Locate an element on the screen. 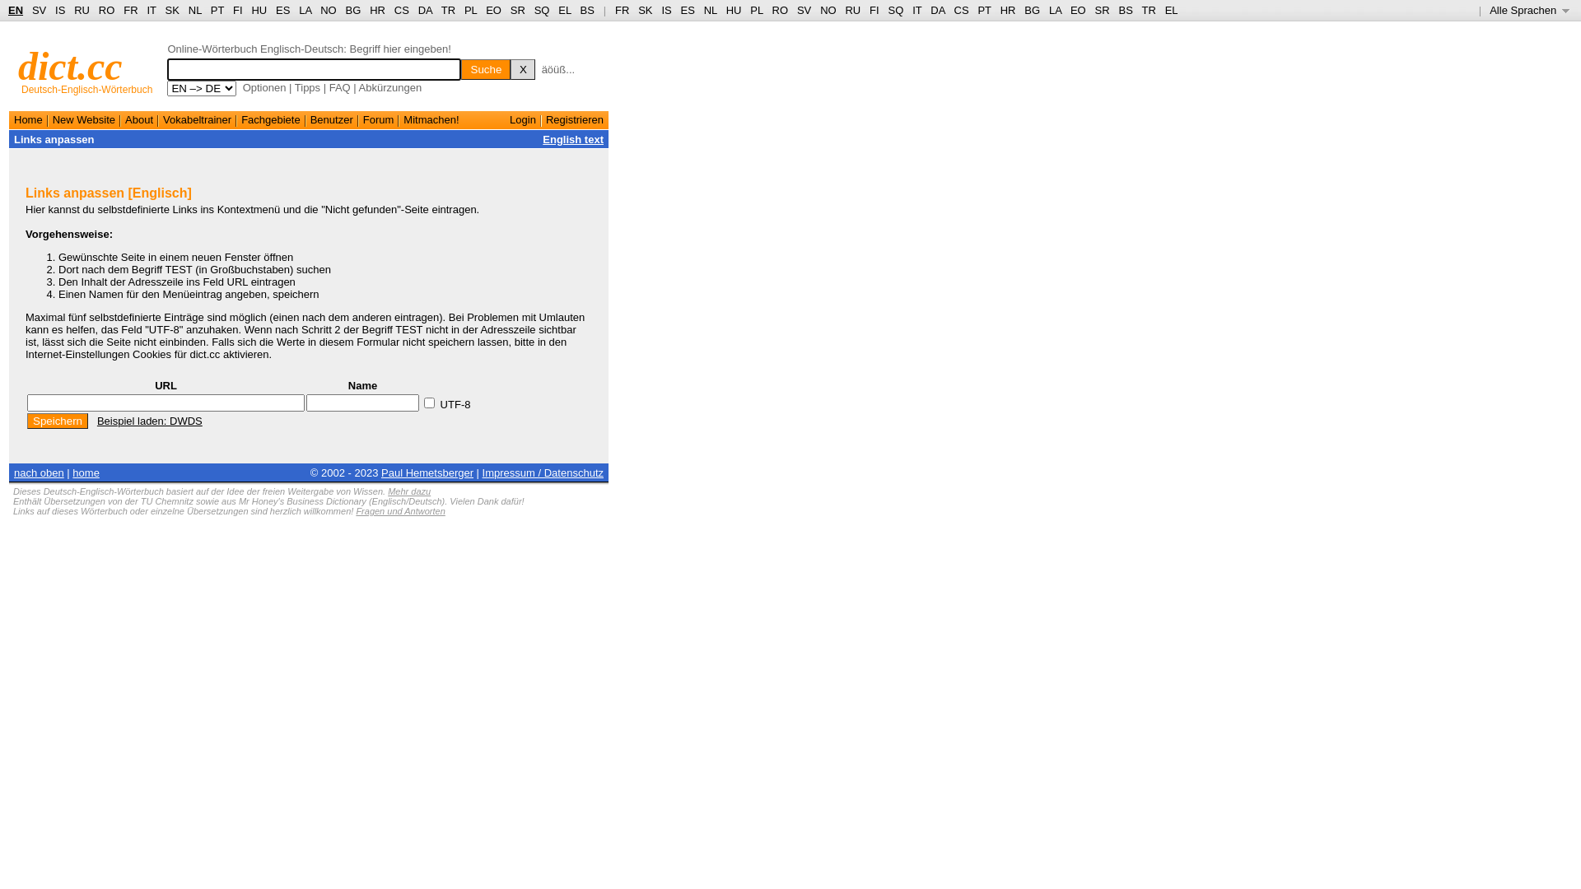  'IS' is located at coordinates (59, 10).